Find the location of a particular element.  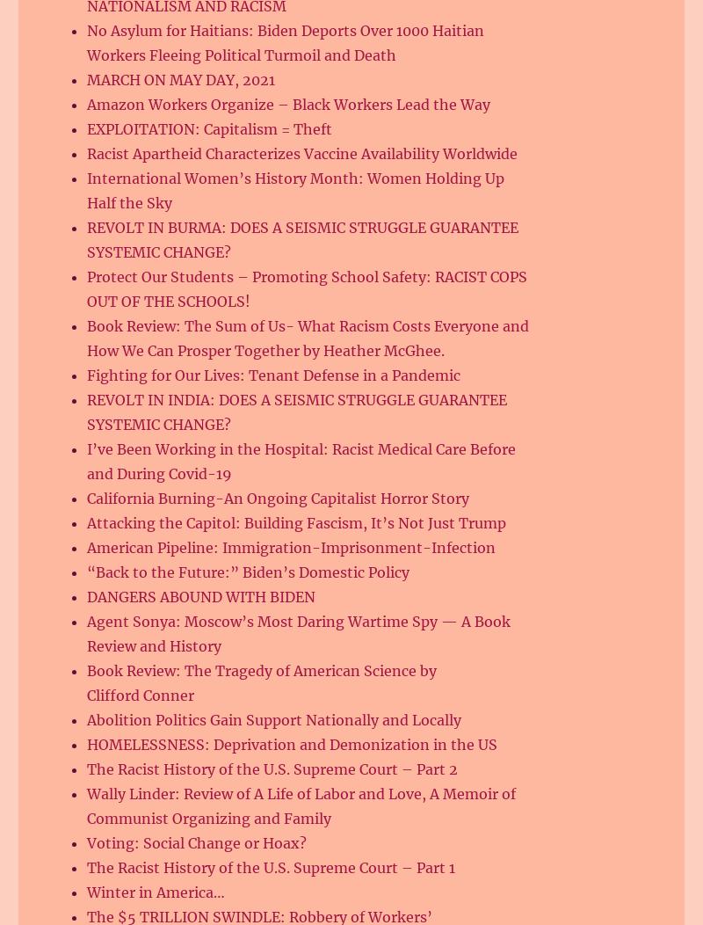

'I’ve Been Working in the Hospital: Racist Medical Care Before and During Covid-19' is located at coordinates (301, 460).